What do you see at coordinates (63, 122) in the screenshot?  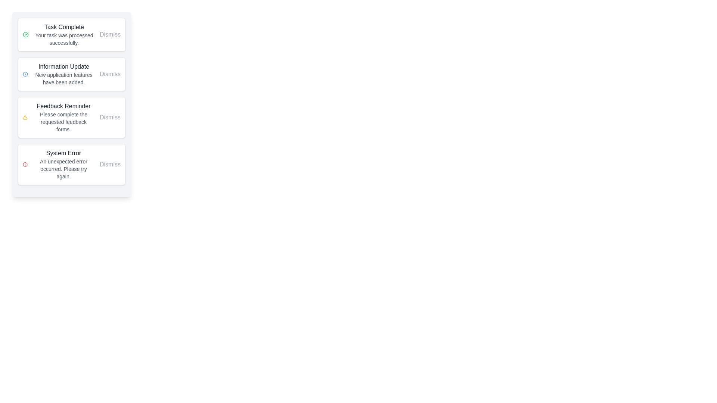 I see `the second line of text in the 'Feedback Reminder' notification, which provides clarification for completing feedback forms` at bounding box center [63, 122].